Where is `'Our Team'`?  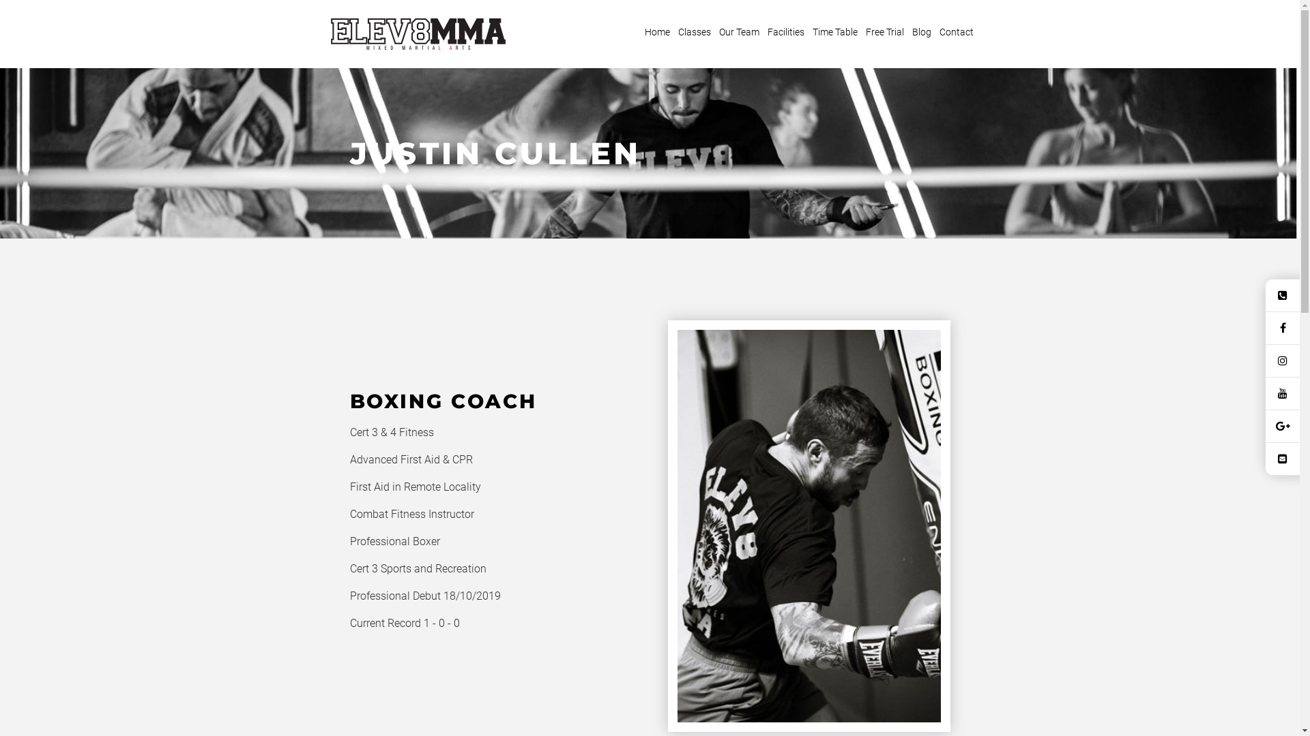
'Our Team' is located at coordinates (714, 31).